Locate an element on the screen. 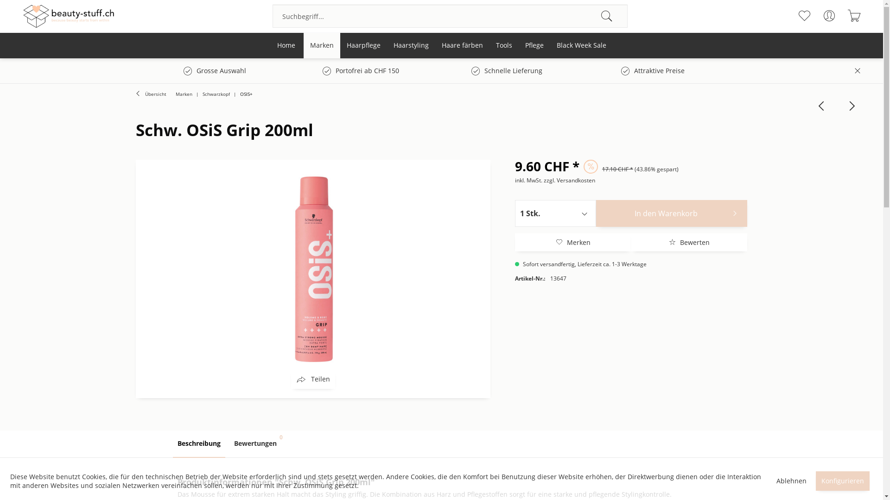  'Bewerten' is located at coordinates (689, 242).